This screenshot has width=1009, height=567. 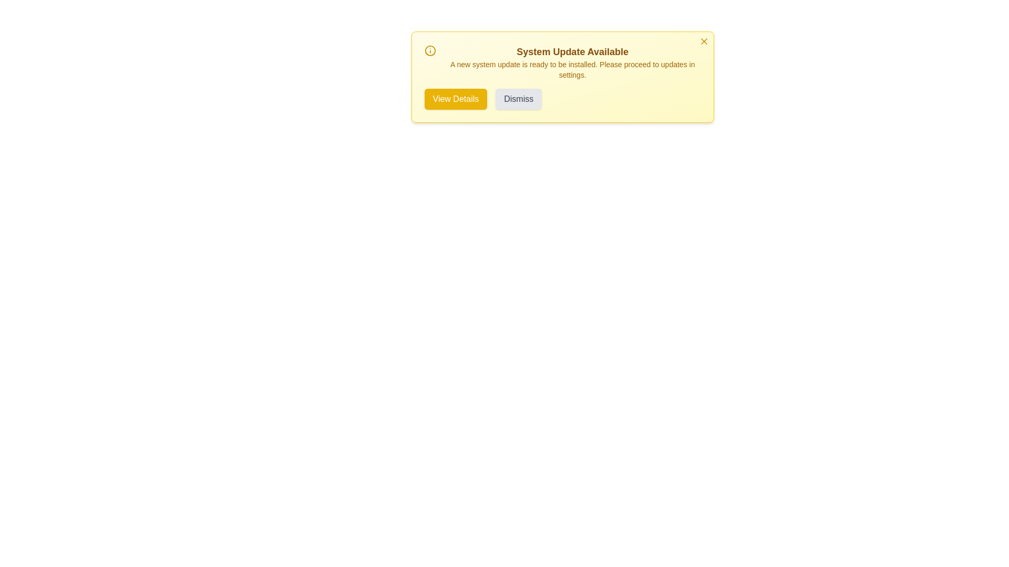 I want to click on the circular informational icon with a yellow outline and inner dot located at the top-left corner of the 'System Update Available' notification card, so click(x=430, y=50).